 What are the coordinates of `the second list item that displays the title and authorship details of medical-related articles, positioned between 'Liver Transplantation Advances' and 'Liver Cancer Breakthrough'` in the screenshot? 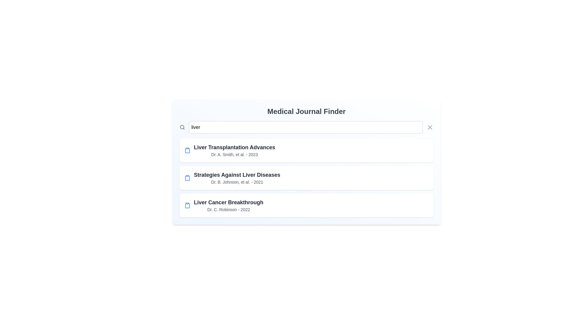 It's located at (306, 177).